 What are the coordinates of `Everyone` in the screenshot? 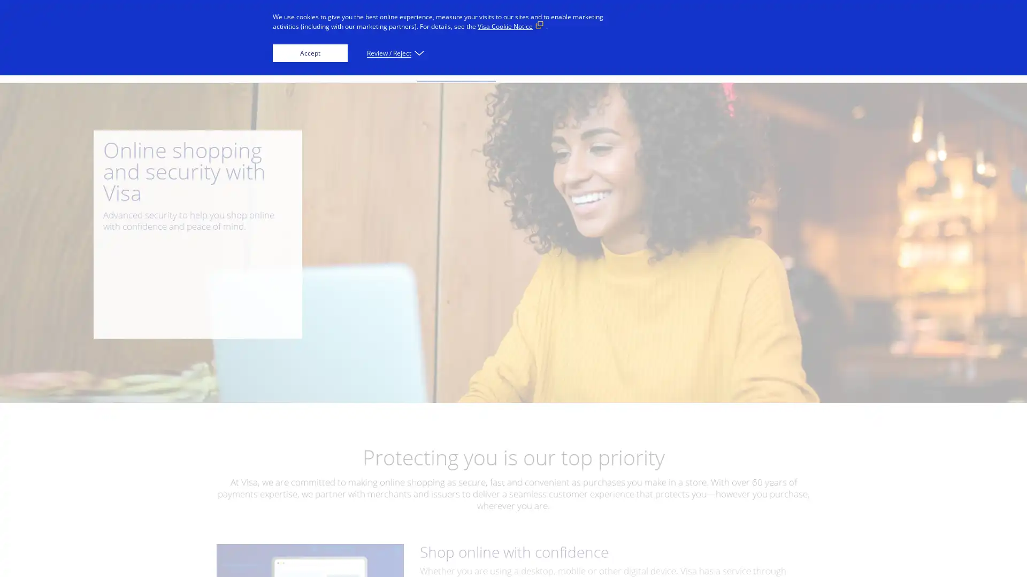 It's located at (655, 28).